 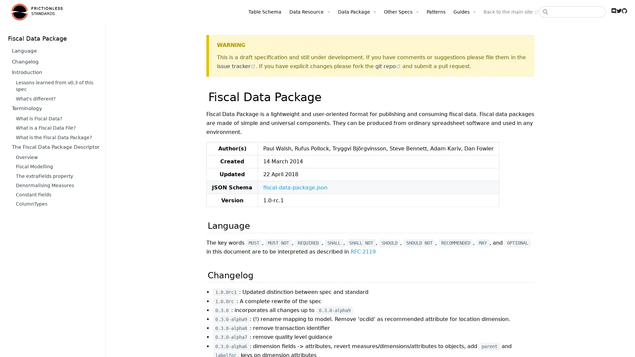 What do you see at coordinates (464, 12) in the screenshot?
I see `Guides` at bounding box center [464, 12].